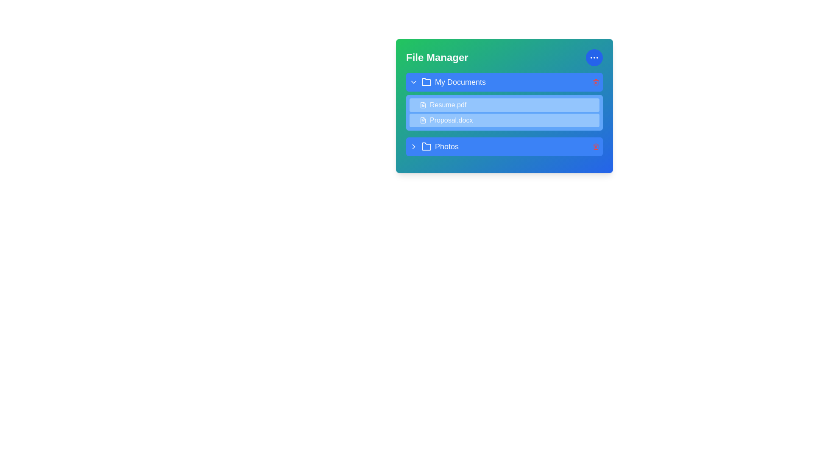 The height and width of the screenshot is (458, 814). I want to click on the folder icon representing the 'Photos' directory, located adjacent to the 'Photos' text, so click(427, 146).